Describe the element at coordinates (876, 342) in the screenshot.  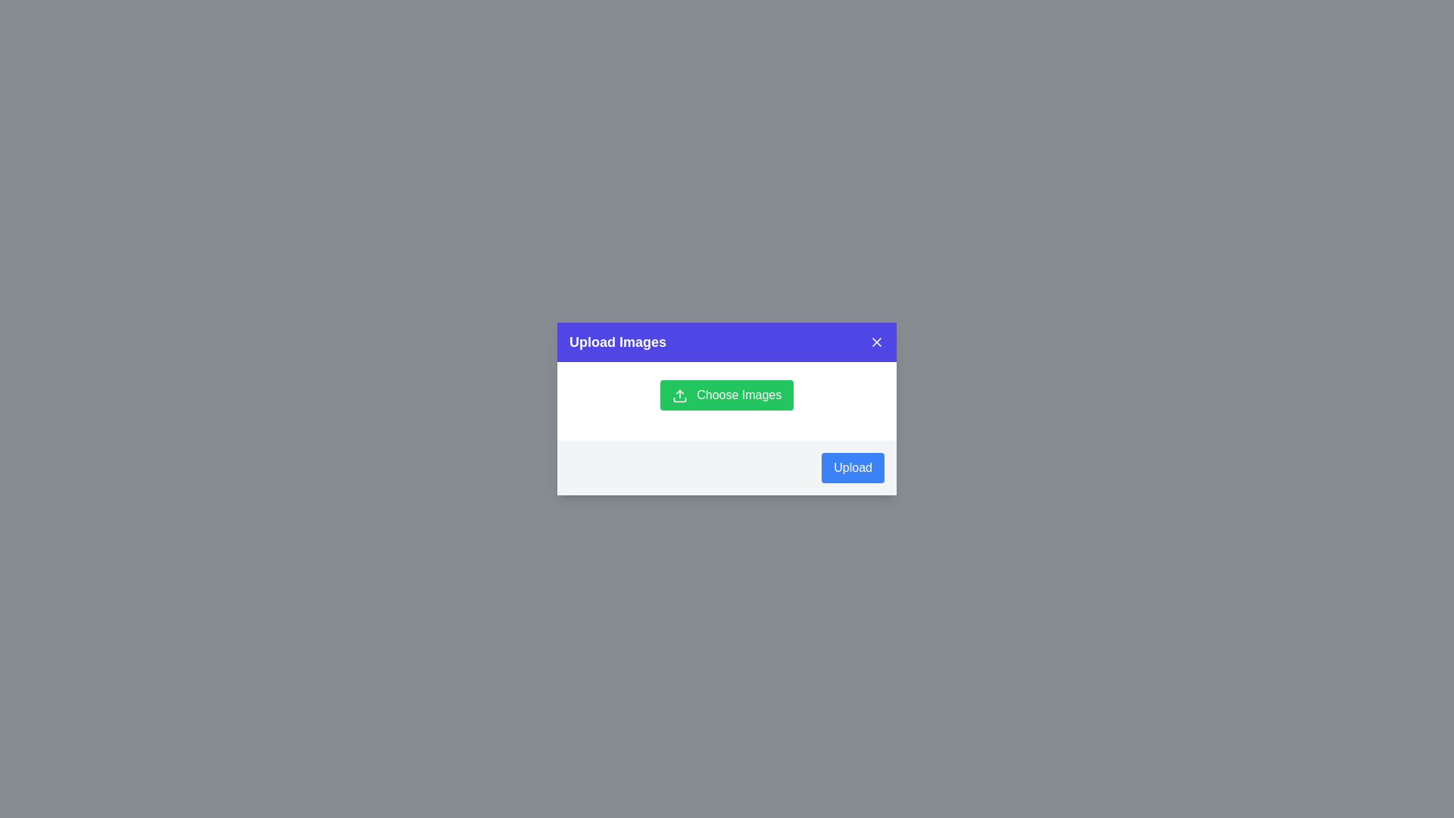
I see `'Close' button in the header to close the dialog` at that location.